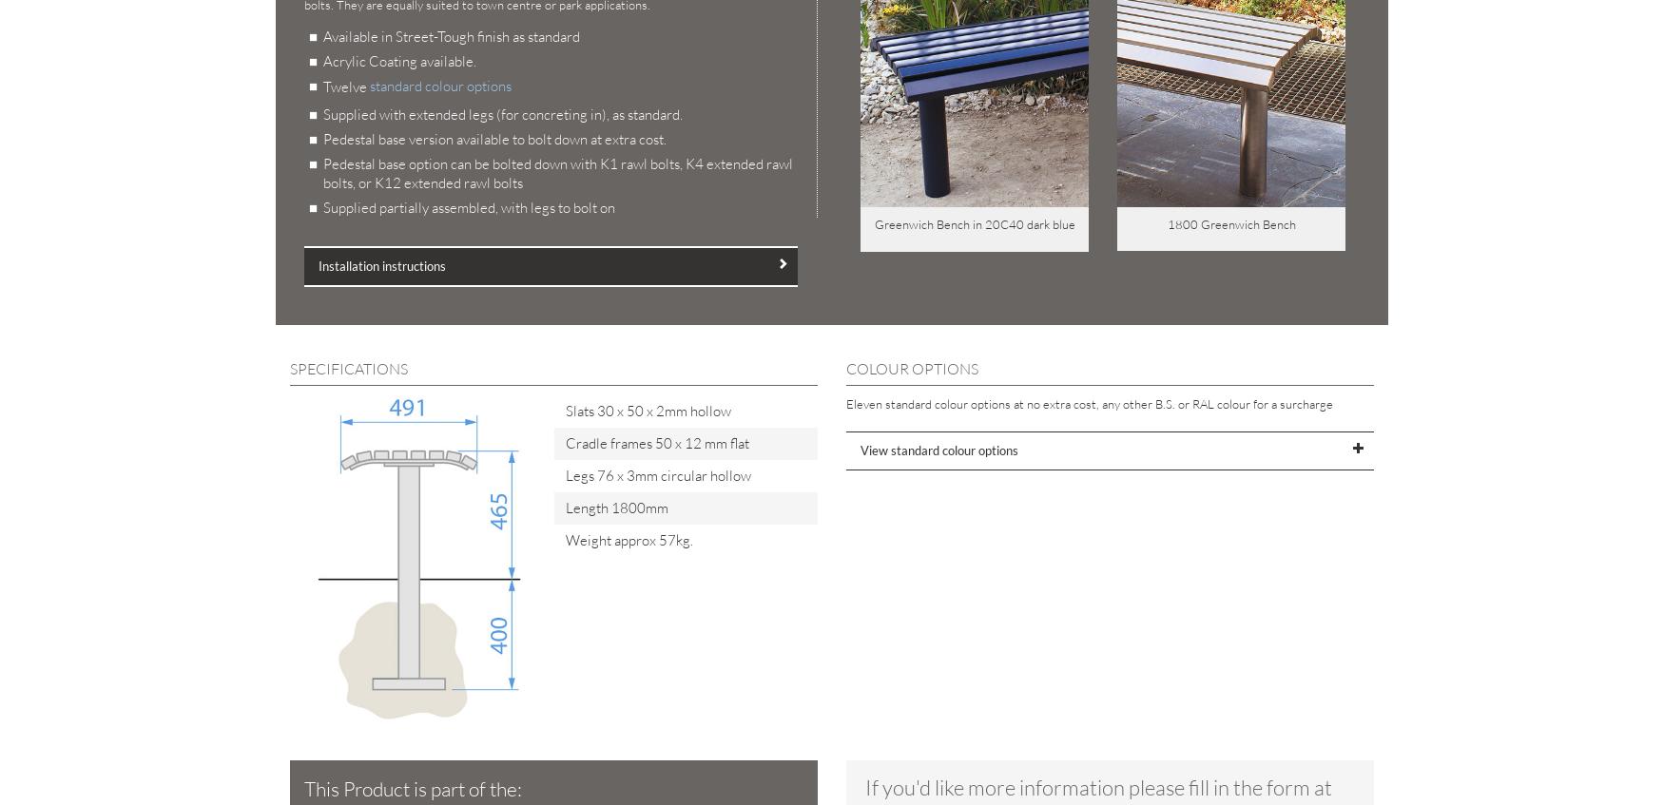 The height and width of the screenshot is (805, 1664). I want to click on 'Pedestal base version available to bolt down at extra cost.', so click(493, 138).